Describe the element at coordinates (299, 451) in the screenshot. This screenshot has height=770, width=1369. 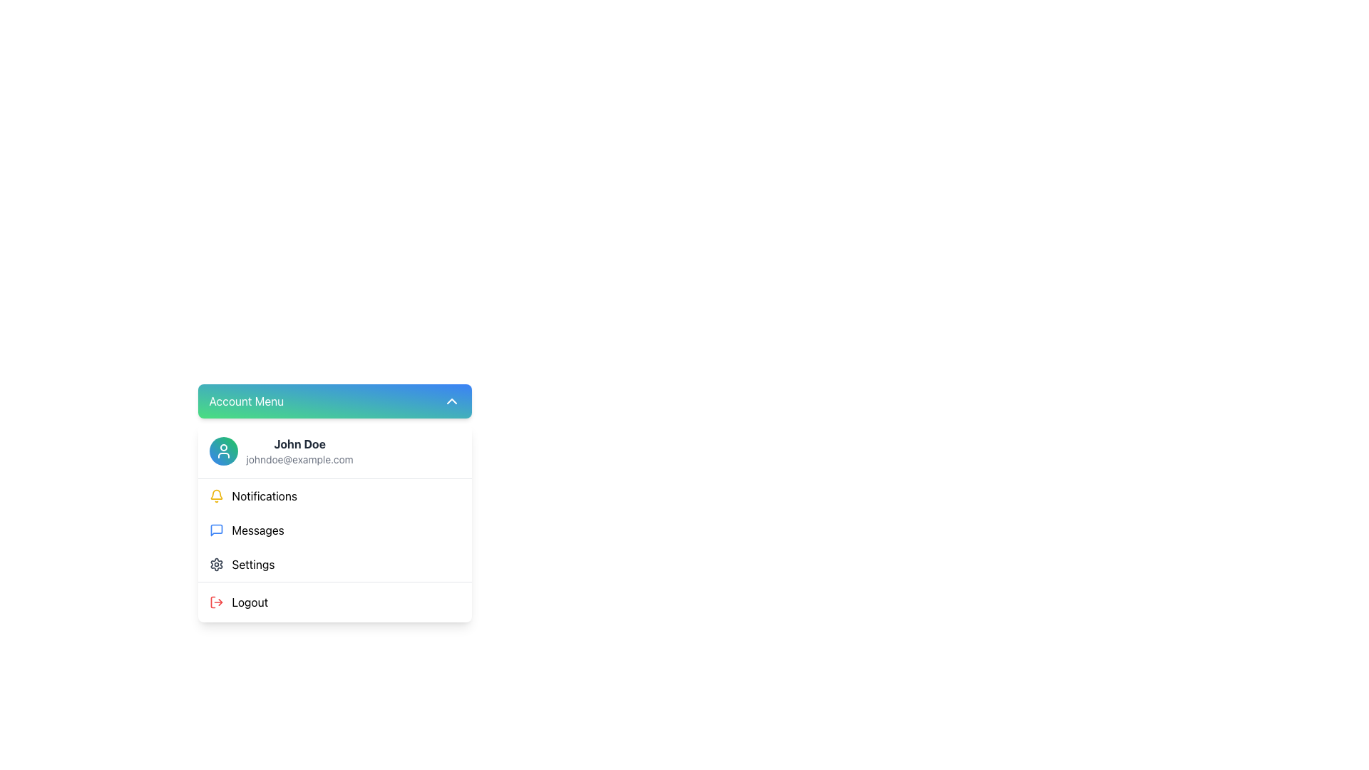
I see `text displayed in the Text Display element within the 'Account Menu', which shows 'John Doe' and 'johndoe@example.com'` at that location.